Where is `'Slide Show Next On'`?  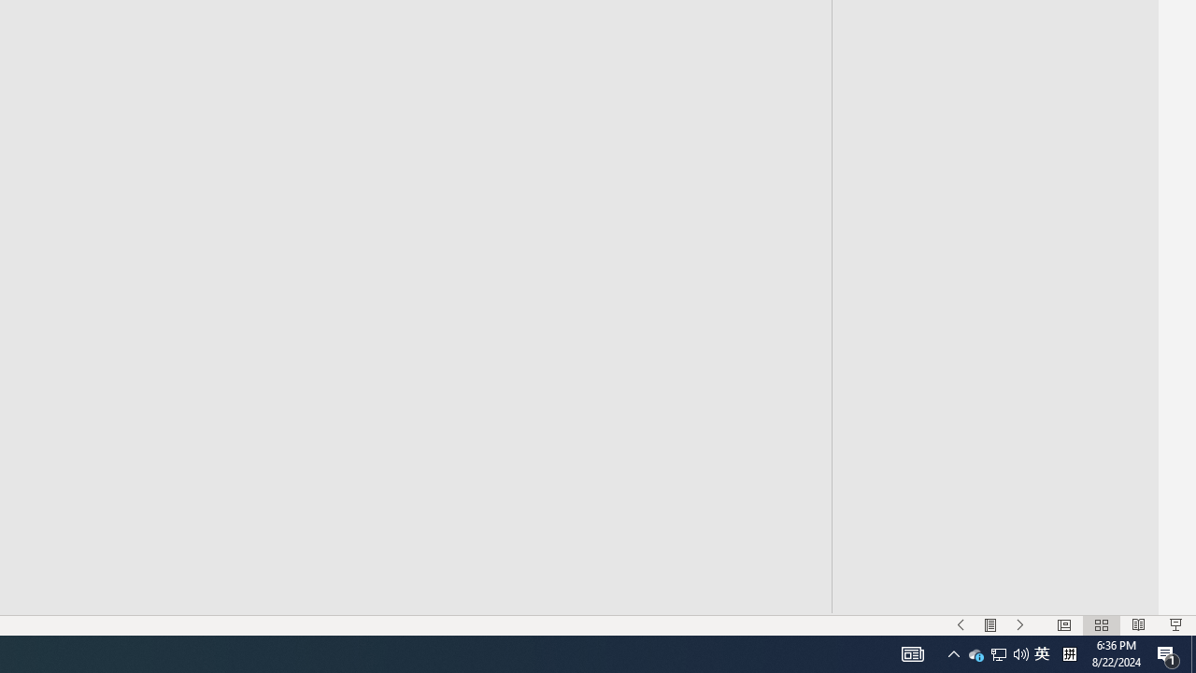 'Slide Show Next On' is located at coordinates (1019, 625).